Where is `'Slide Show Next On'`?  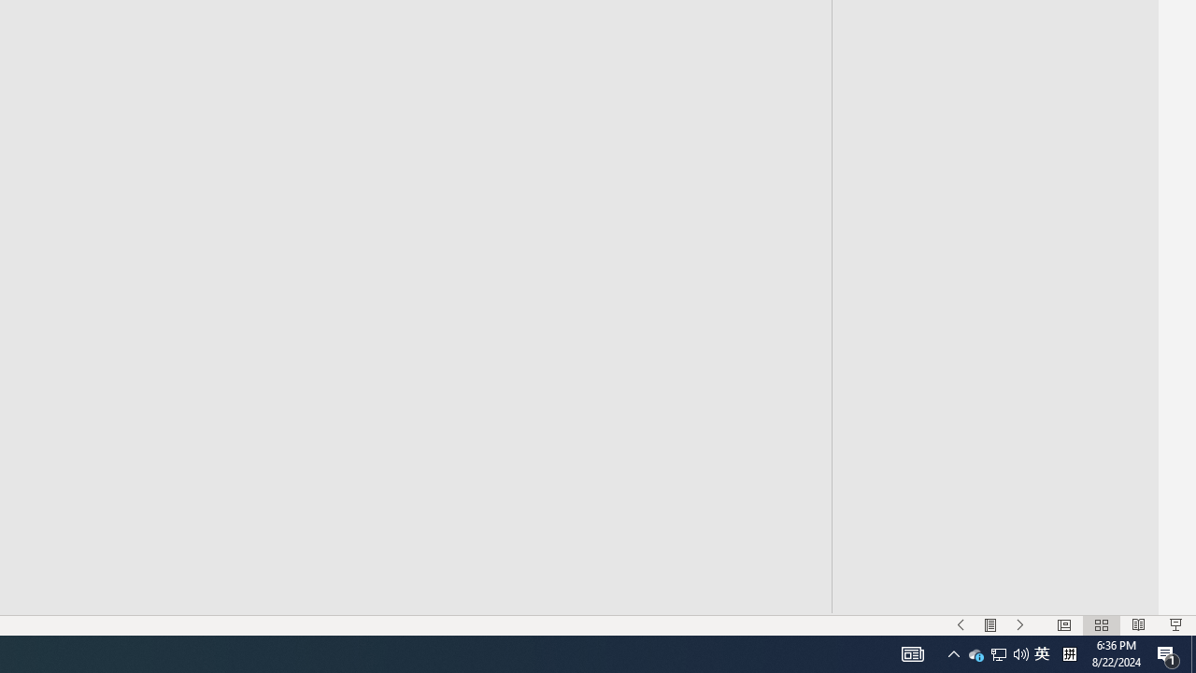 'Slide Show Next On' is located at coordinates (1019, 625).